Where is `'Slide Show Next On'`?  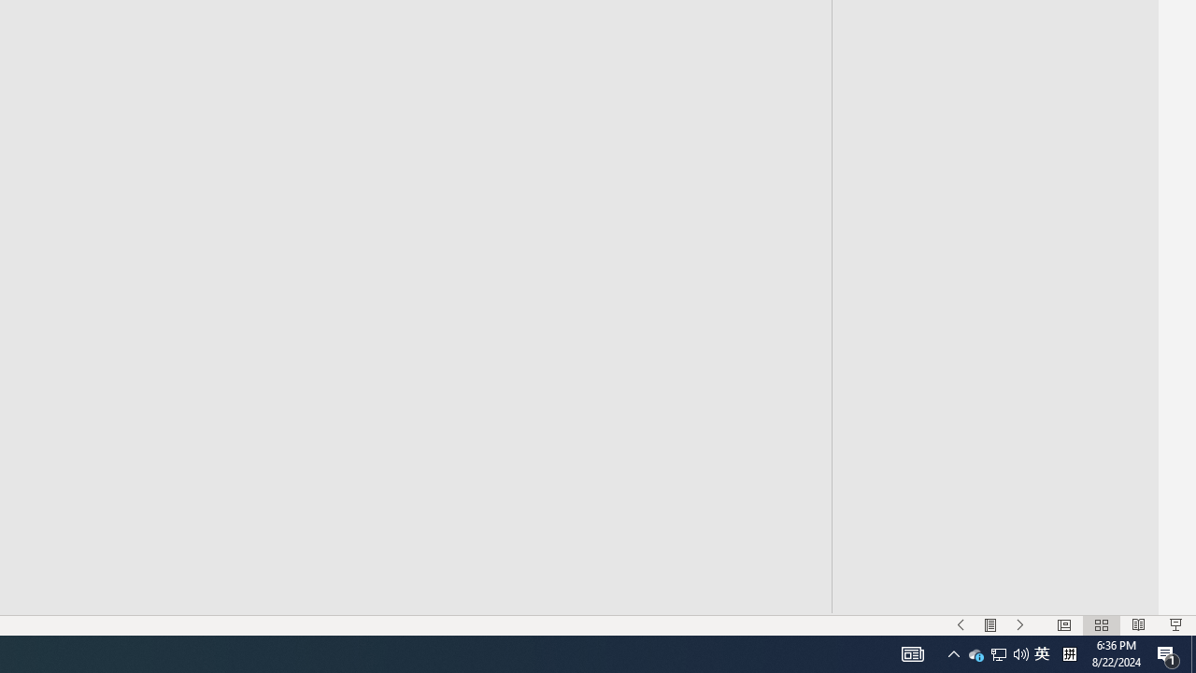 'Slide Show Next On' is located at coordinates (1019, 625).